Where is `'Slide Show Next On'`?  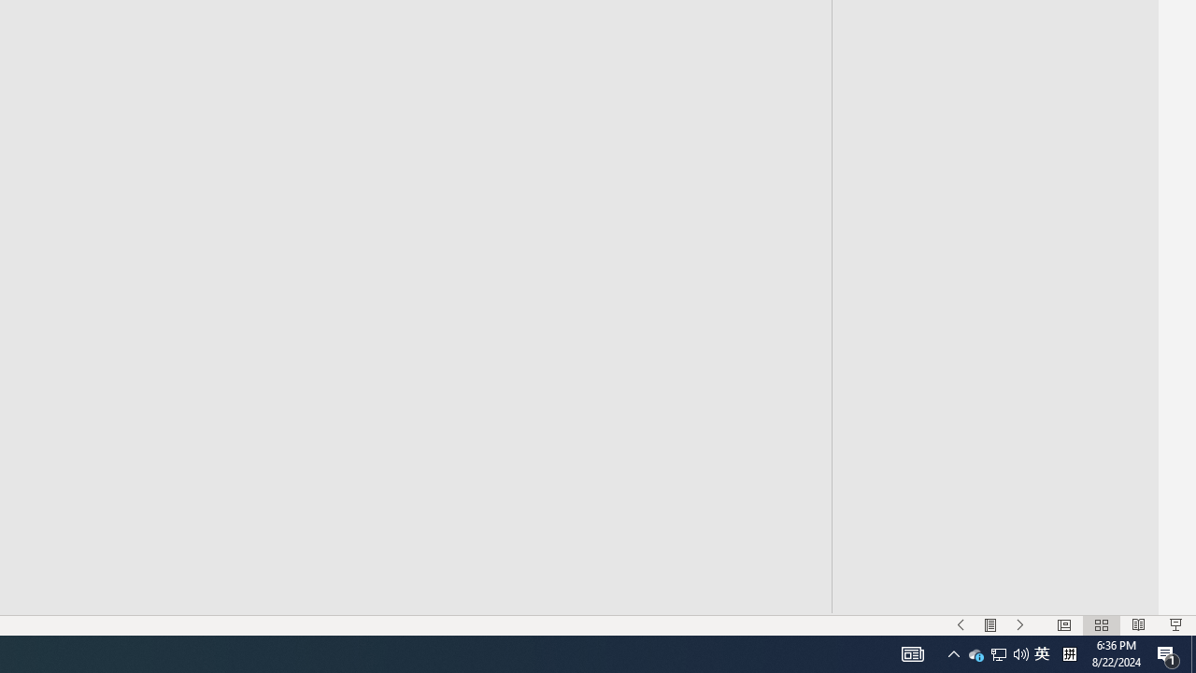 'Slide Show Next On' is located at coordinates (1019, 625).